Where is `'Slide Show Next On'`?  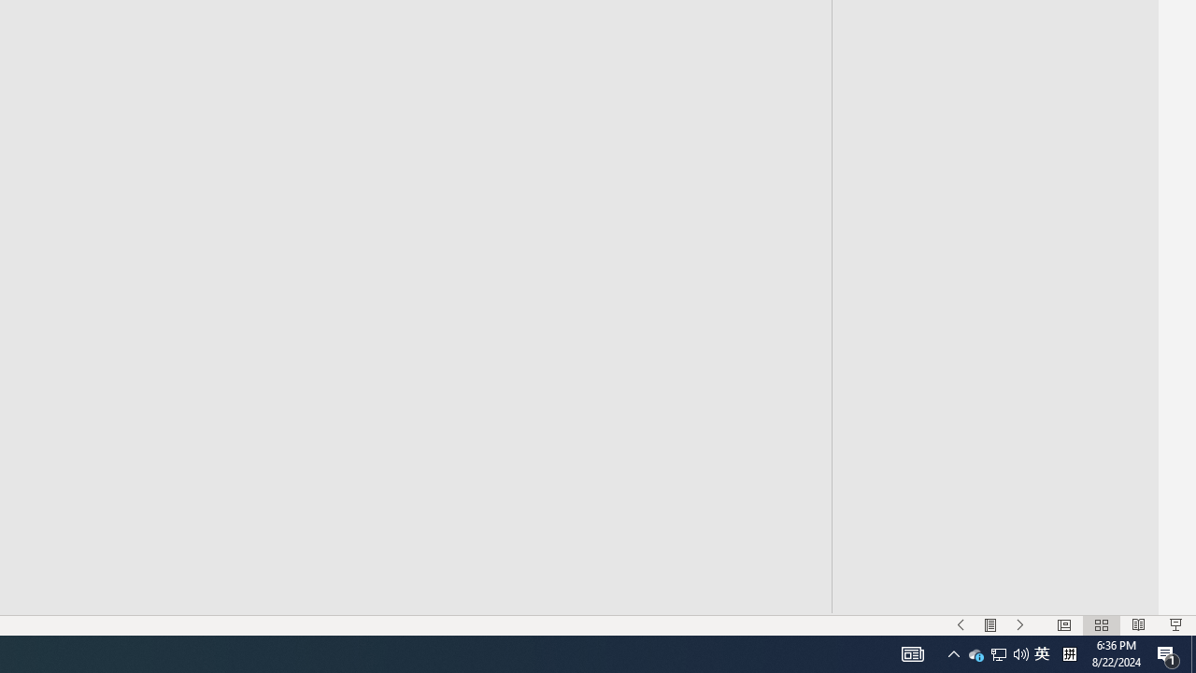 'Slide Show Next On' is located at coordinates (1019, 625).